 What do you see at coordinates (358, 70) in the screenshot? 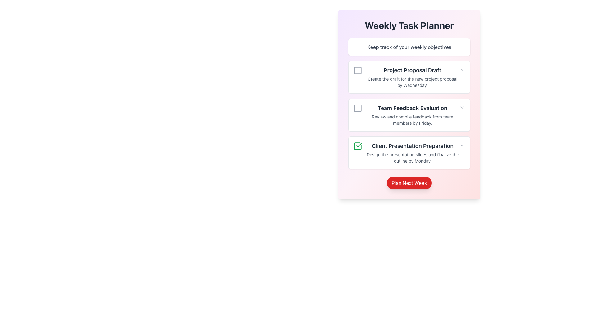
I see `the graphical decoration (small square with rounded corners) inside the checkbox of the first item labeled 'Project Proposal Draft' in the task list` at bounding box center [358, 70].